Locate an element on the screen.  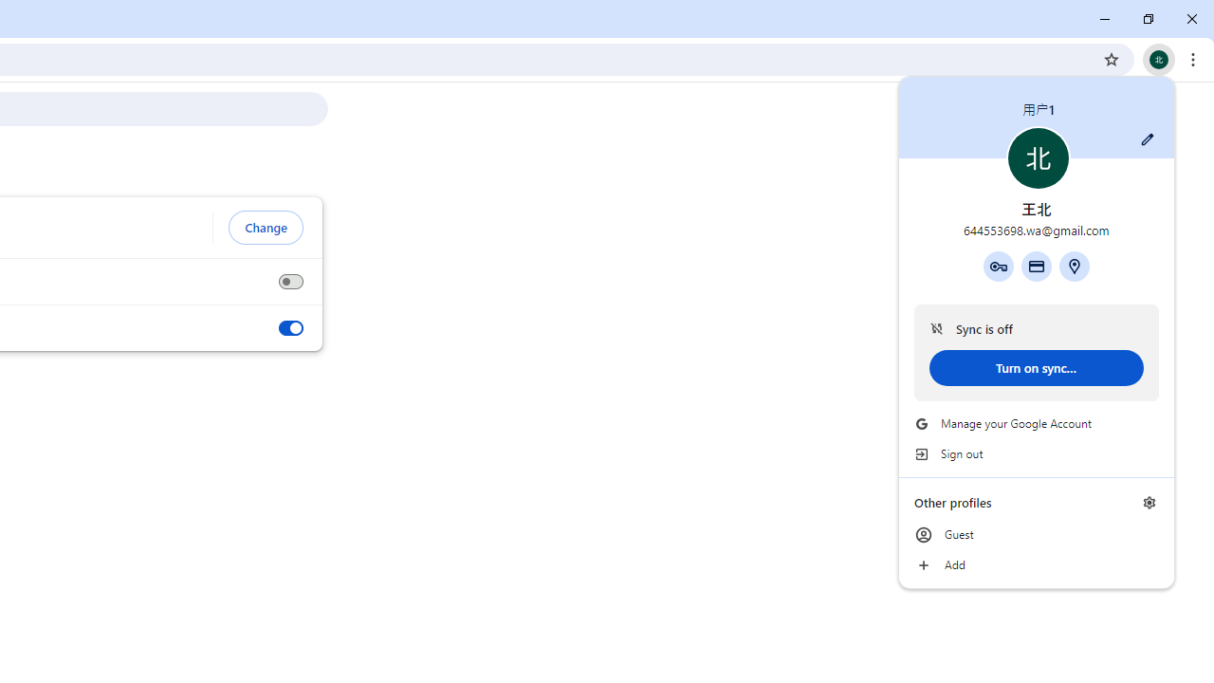
'Show downloads when they' is located at coordinates (289, 327).